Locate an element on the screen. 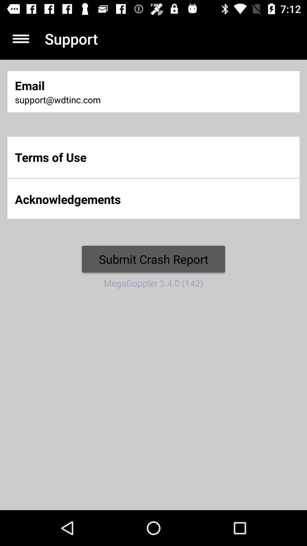  the menu icon is located at coordinates (20, 38).